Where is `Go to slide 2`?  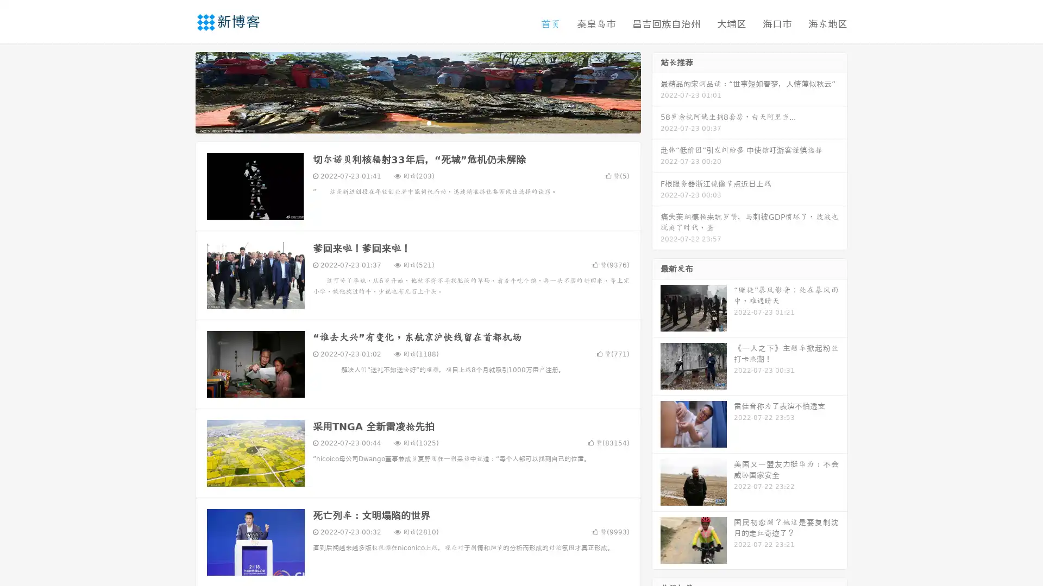
Go to slide 2 is located at coordinates (417, 122).